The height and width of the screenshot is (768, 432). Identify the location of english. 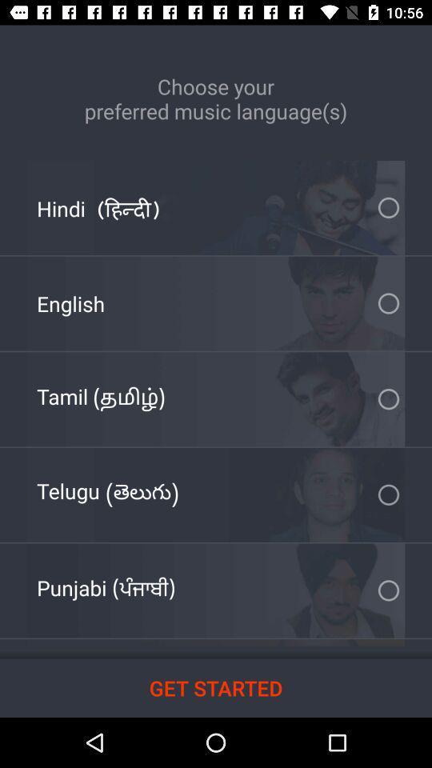
(70, 302).